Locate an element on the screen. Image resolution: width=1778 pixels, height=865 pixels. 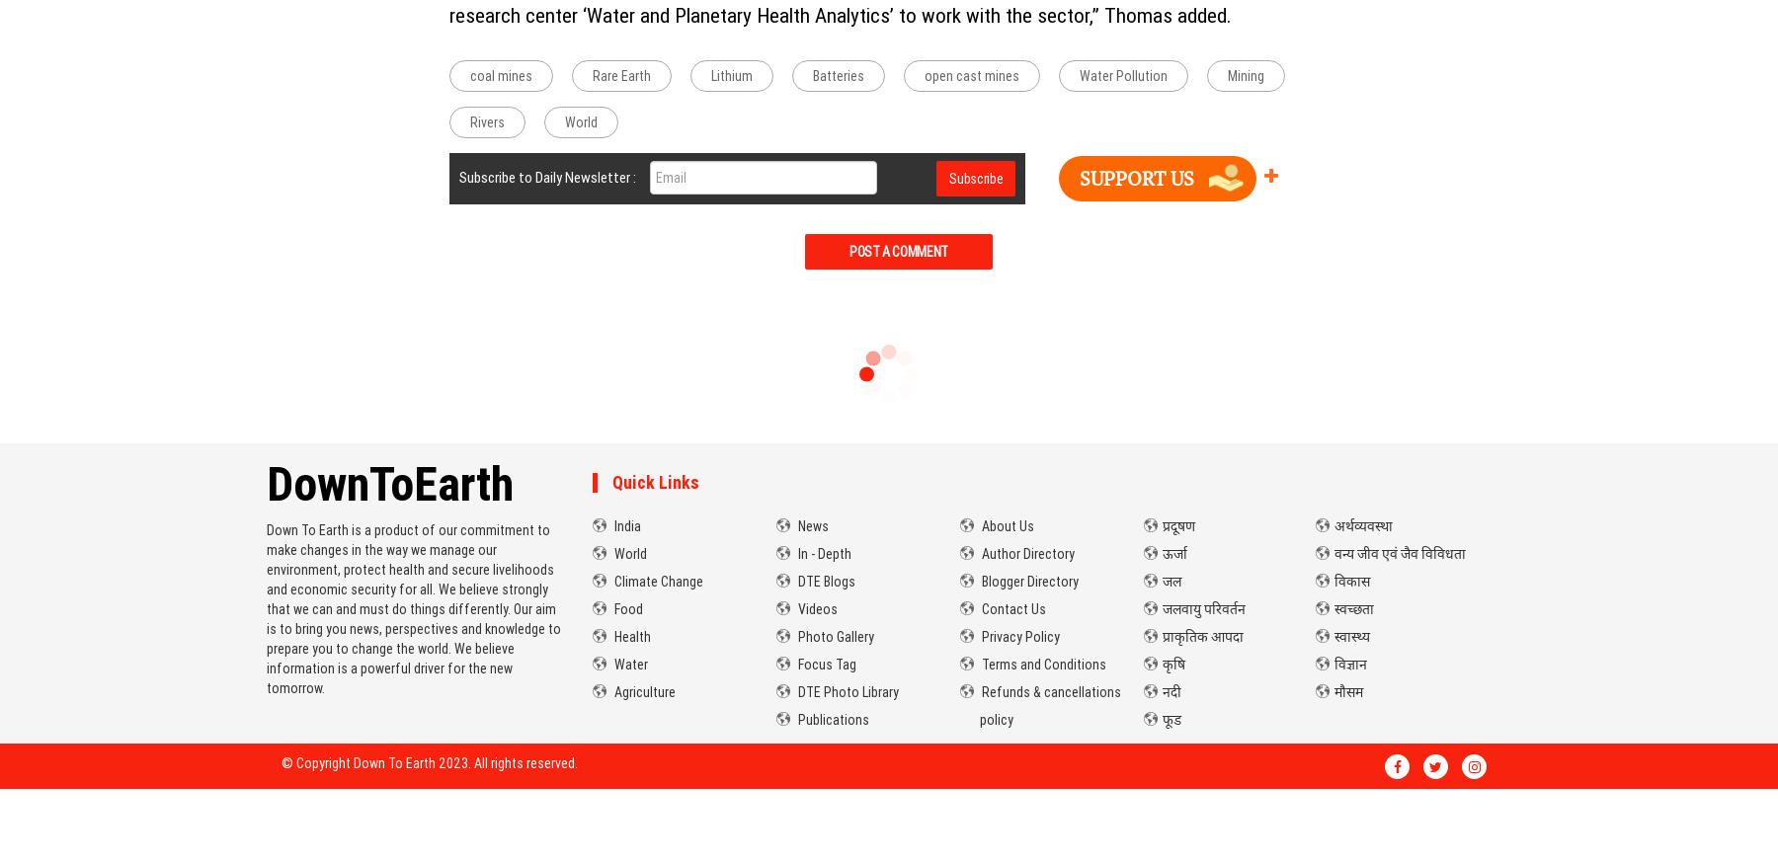
'Rivers' is located at coordinates (486, 119).